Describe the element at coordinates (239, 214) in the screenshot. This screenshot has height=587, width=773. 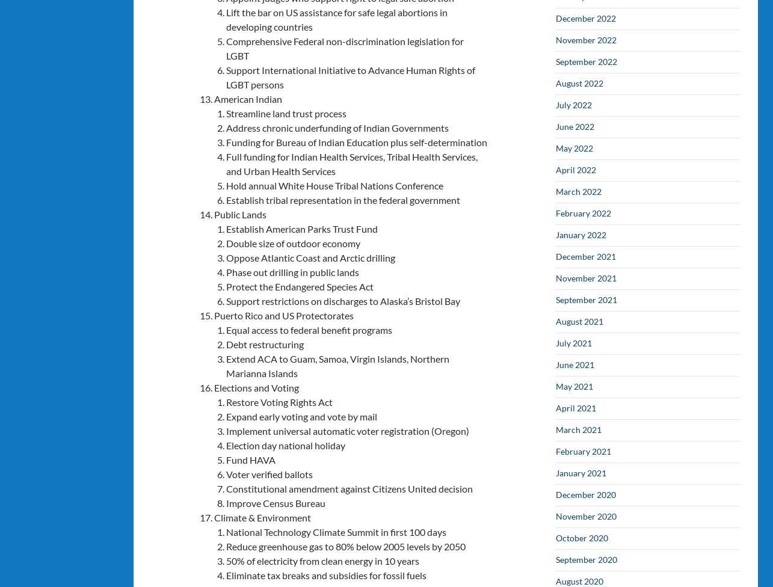
I see `'Public Lands'` at that location.